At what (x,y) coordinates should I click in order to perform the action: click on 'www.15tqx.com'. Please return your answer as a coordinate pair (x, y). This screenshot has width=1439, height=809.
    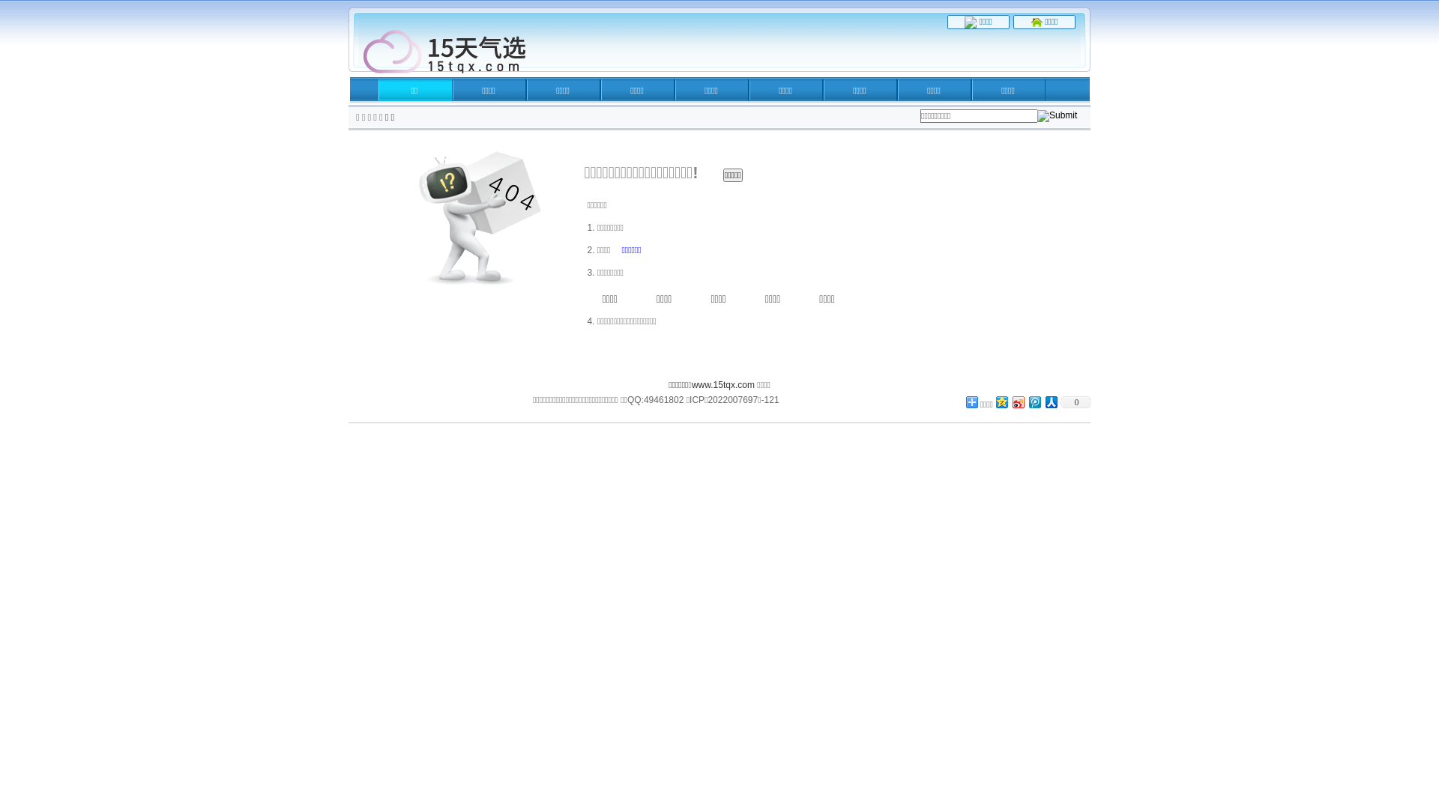
    Looking at the image, I should click on (722, 384).